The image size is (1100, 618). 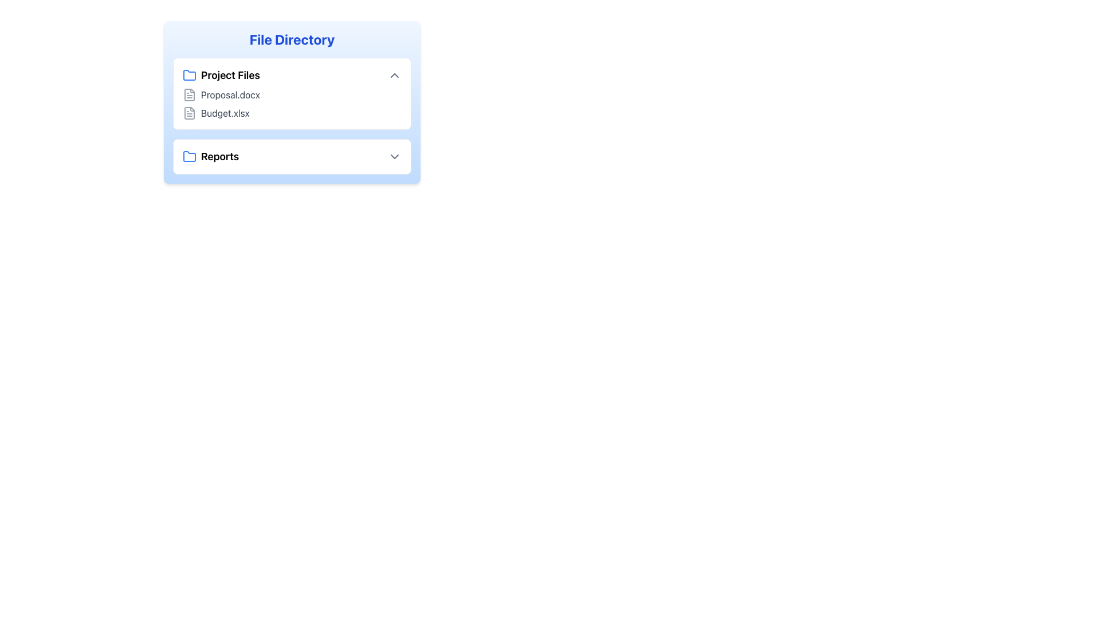 I want to click on the icon representing the file 'Budget.xlsx' located in the 'File Directory' section, specifically the second icon in the 'Project Files' folder, so click(x=190, y=113).